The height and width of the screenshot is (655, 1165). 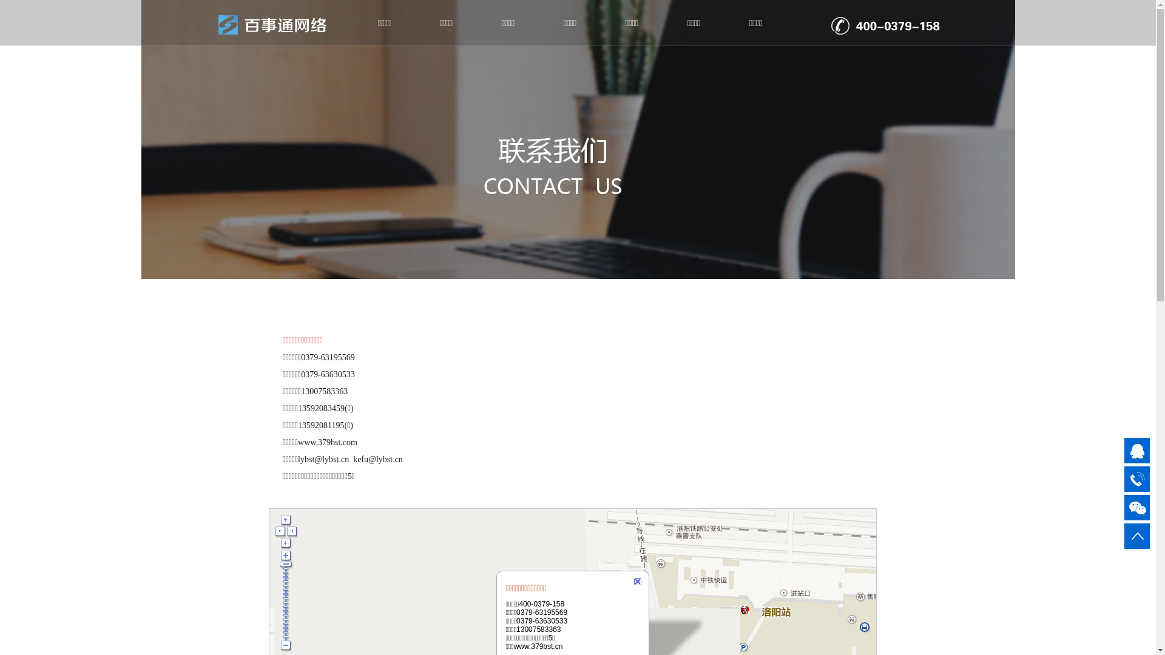 What do you see at coordinates (323, 458) in the screenshot?
I see `'lybst@lybst.cn'` at bounding box center [323, 458].